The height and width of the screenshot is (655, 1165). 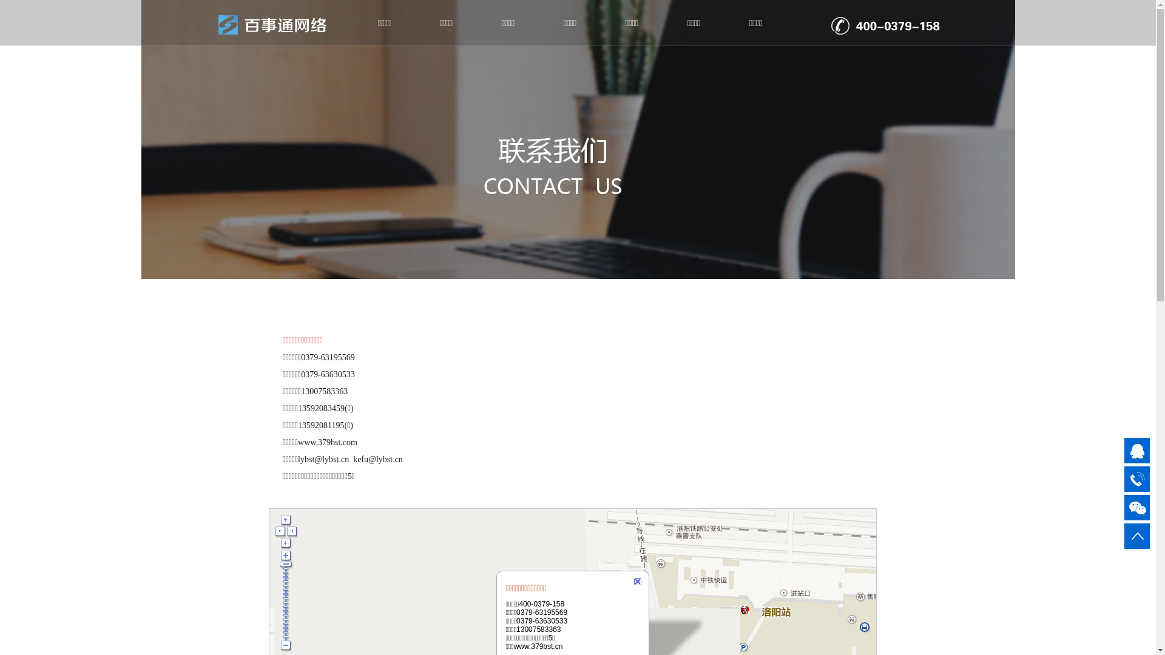 What do you see at coordinates (323, 458) in the screenshot?
I see `'lybst@lybst.cn'` at bounding box center [323, 458].